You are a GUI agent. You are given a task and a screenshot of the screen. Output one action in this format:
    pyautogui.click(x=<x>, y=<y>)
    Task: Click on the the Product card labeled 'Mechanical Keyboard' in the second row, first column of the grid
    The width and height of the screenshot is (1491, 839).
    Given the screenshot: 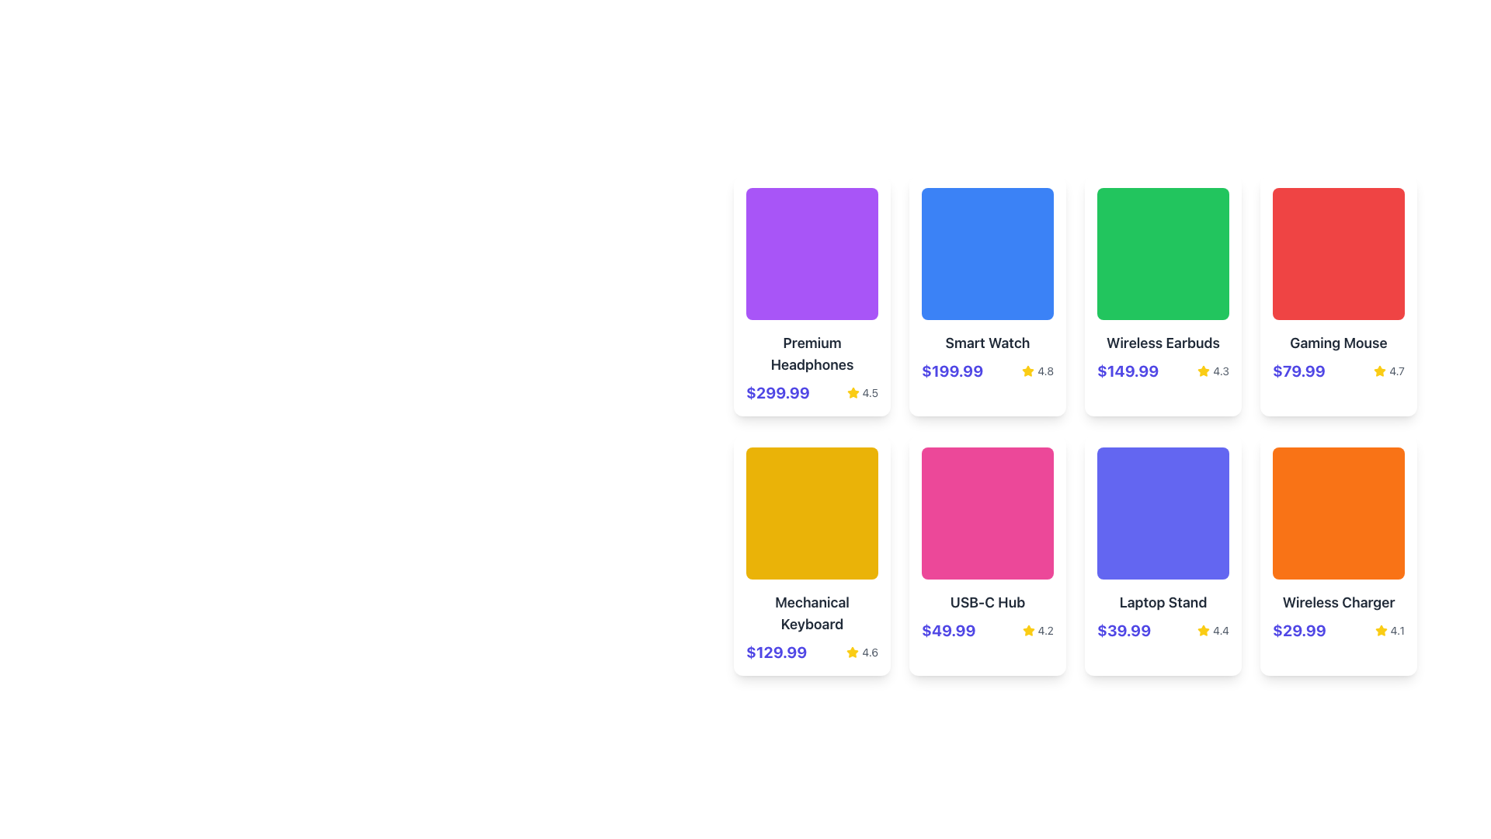 What is the action you would take?
    pyautogui.click(x=812, y=554)
    